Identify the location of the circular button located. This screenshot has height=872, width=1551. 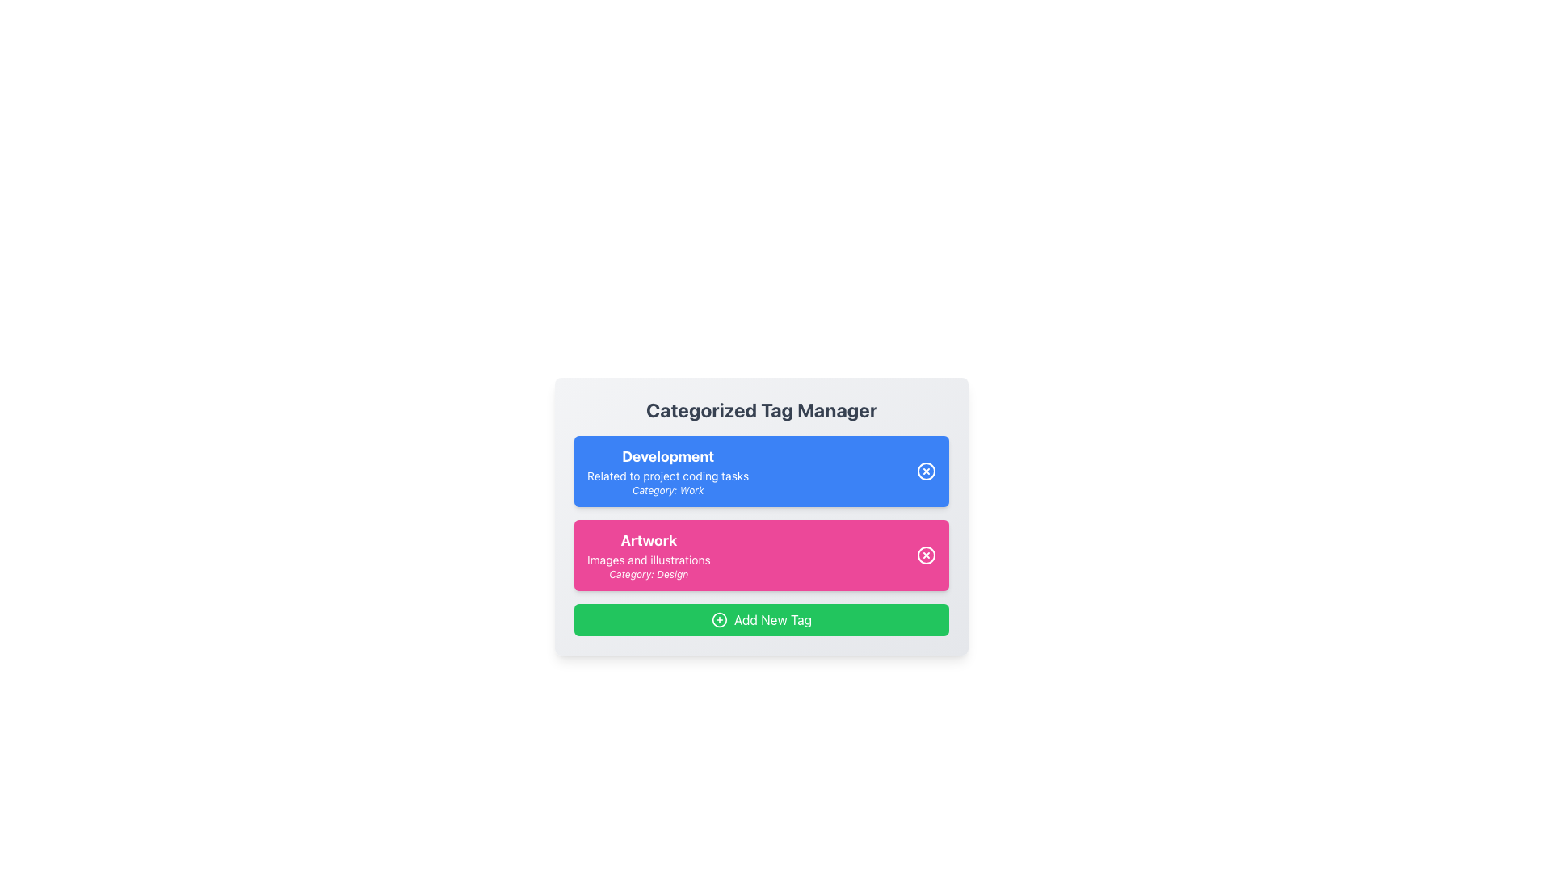
(927, 554).